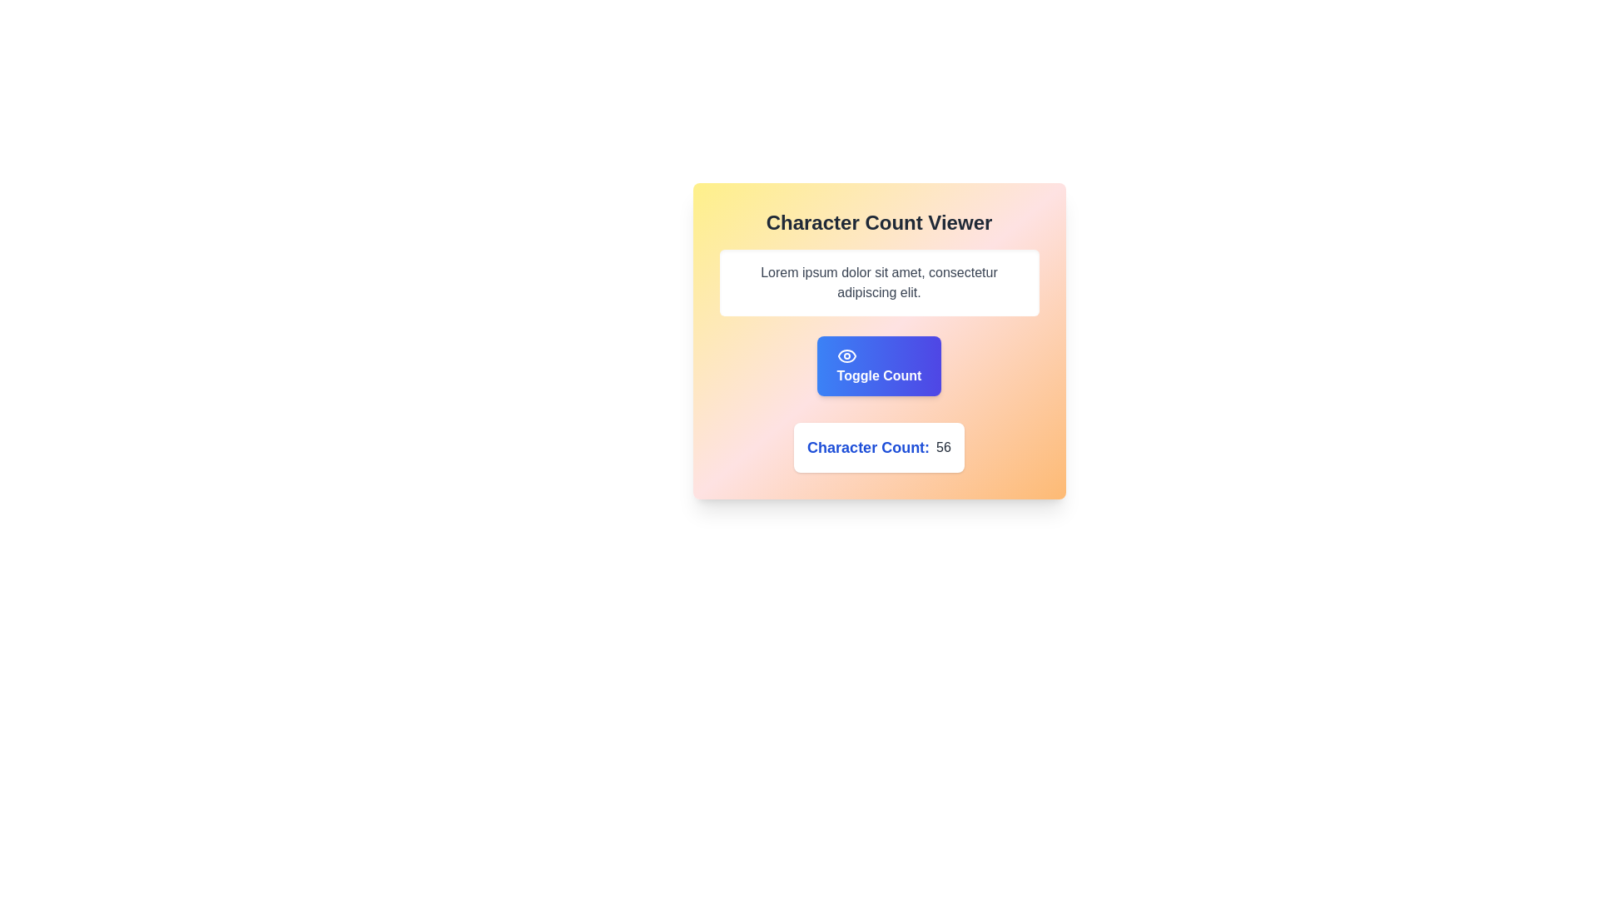 This screenshot has height=899, width=1598. Describe the element at coordinates (878, 365) in the screenshot. I see `the 'Toggle Count' button to toggle the visibility of the character count` at that location.